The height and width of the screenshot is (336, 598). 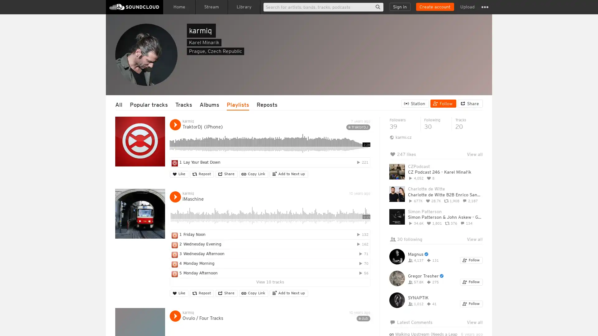 I want to click on Add to Next up, so click(x=288, y=174).